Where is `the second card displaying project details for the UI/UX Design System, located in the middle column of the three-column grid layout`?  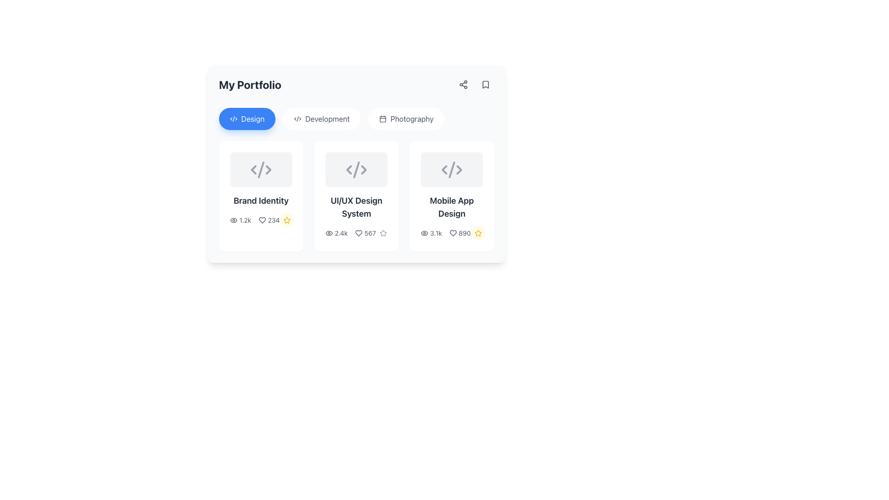
the second card displaying project details for the UI/UX Design System, located in the middle column of the three-column grid layout is located at coordinates (356, 196).